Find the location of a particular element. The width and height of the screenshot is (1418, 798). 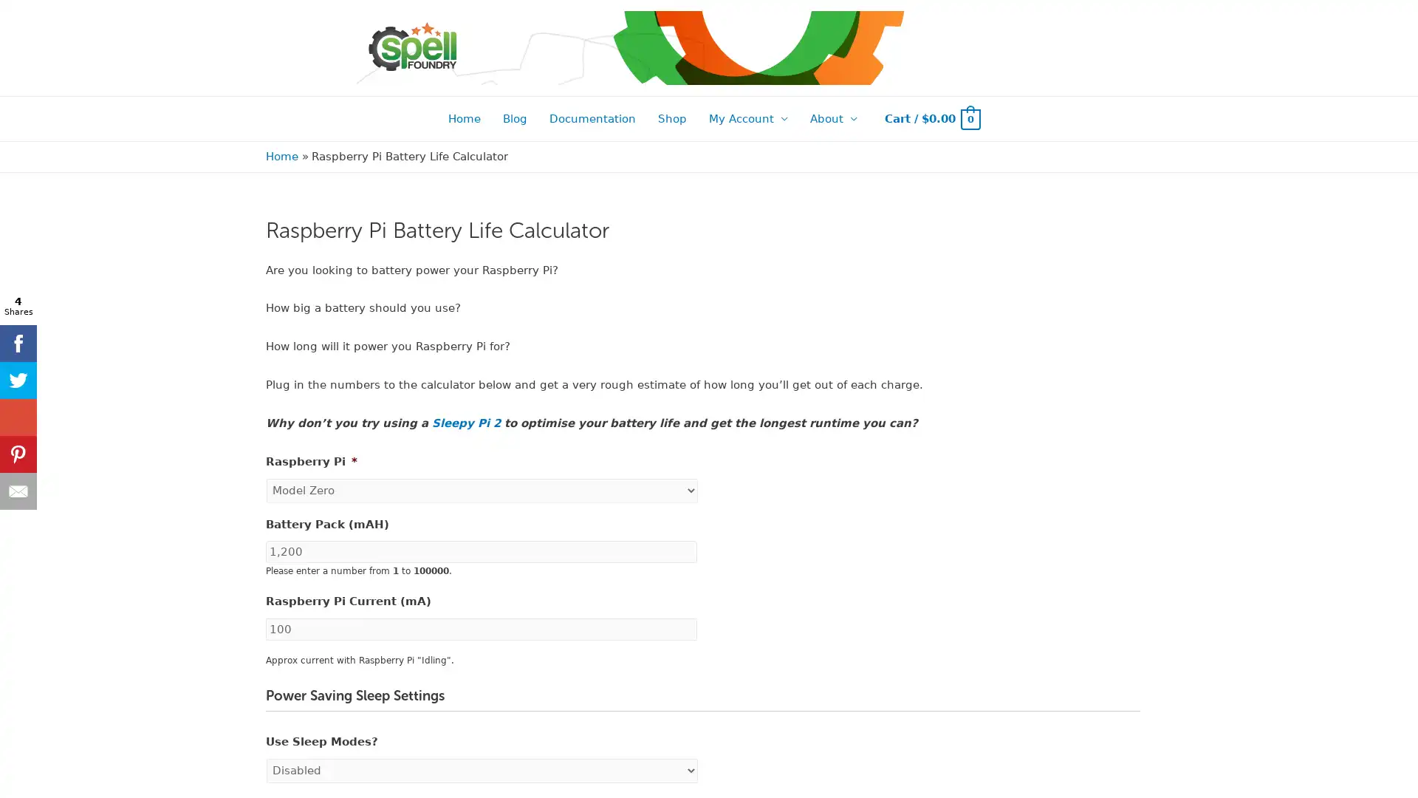

New Sleepy Pi 2 stock expected towards end March 2022! Back orders now open. is located at coordinates (709, 19).